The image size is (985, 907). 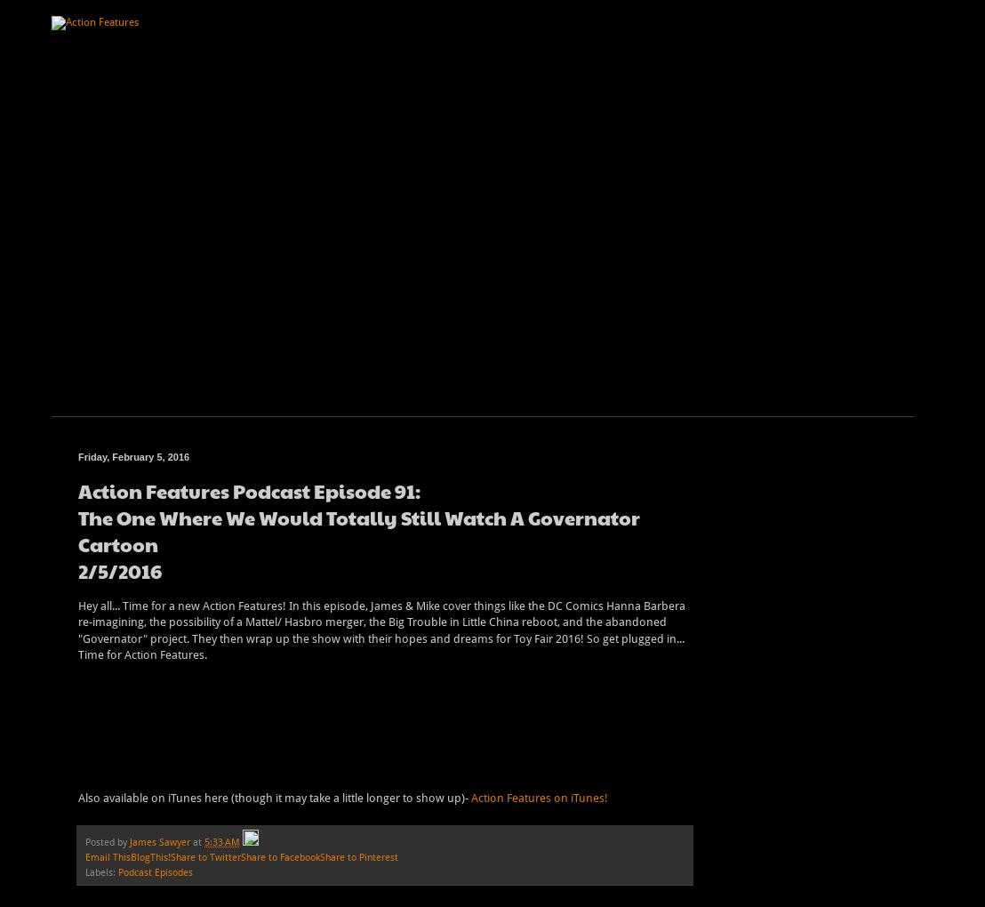 What do you see at coordinates (198, 840) in the screenshot?
I see `'at'` at bounding box center [198, 840].